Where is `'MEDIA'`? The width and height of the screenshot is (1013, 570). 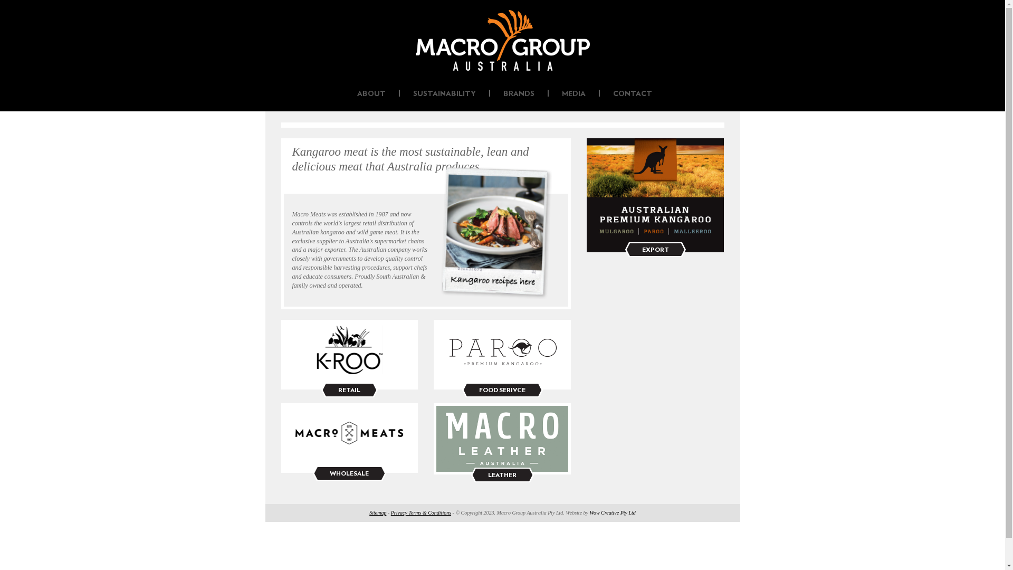
'MEDIA' is located at coordinates (573, 93).